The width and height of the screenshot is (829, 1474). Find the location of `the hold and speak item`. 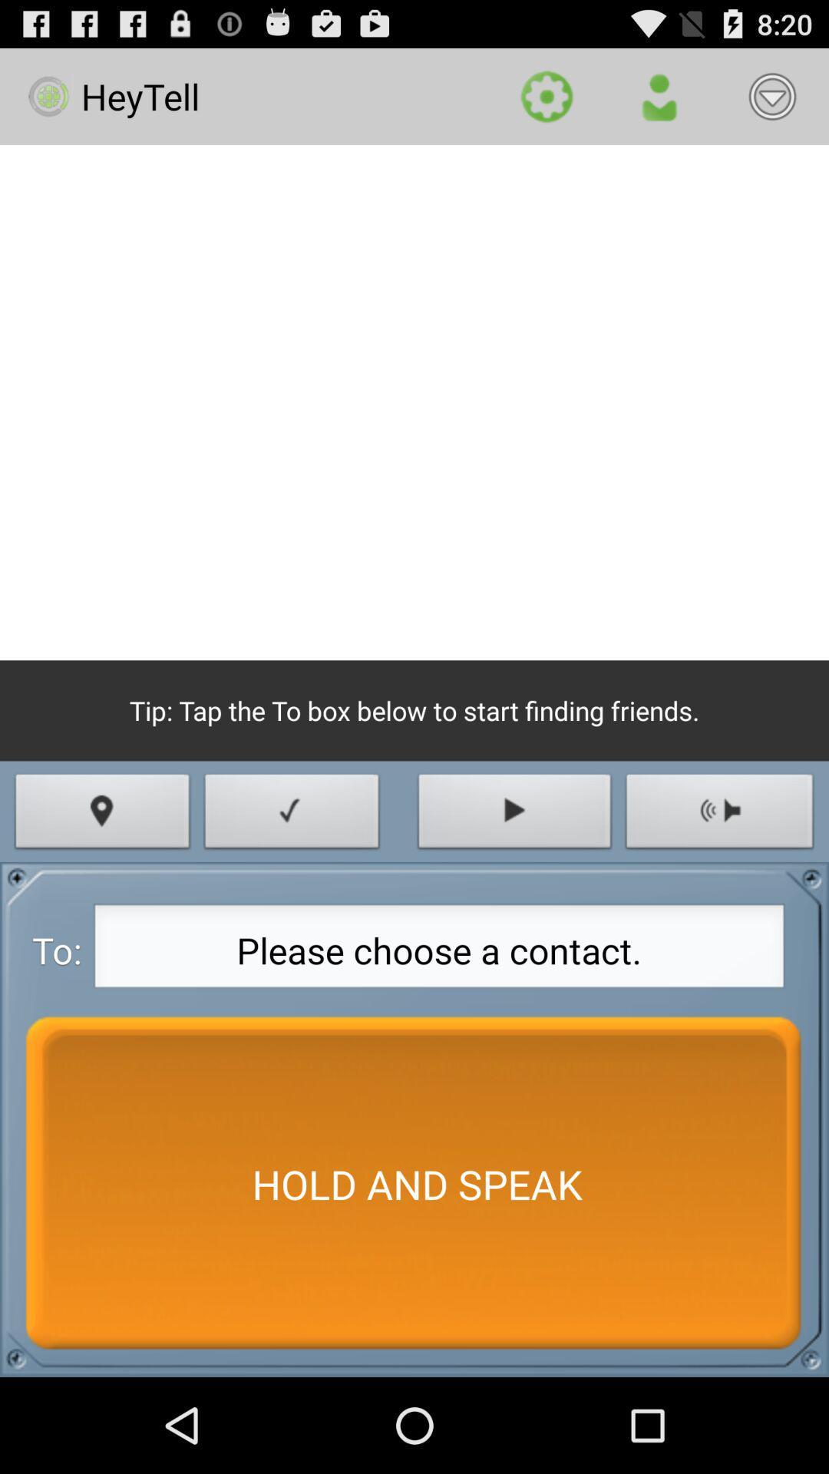

the hold and speak item is located at coordinates (414, 1183).